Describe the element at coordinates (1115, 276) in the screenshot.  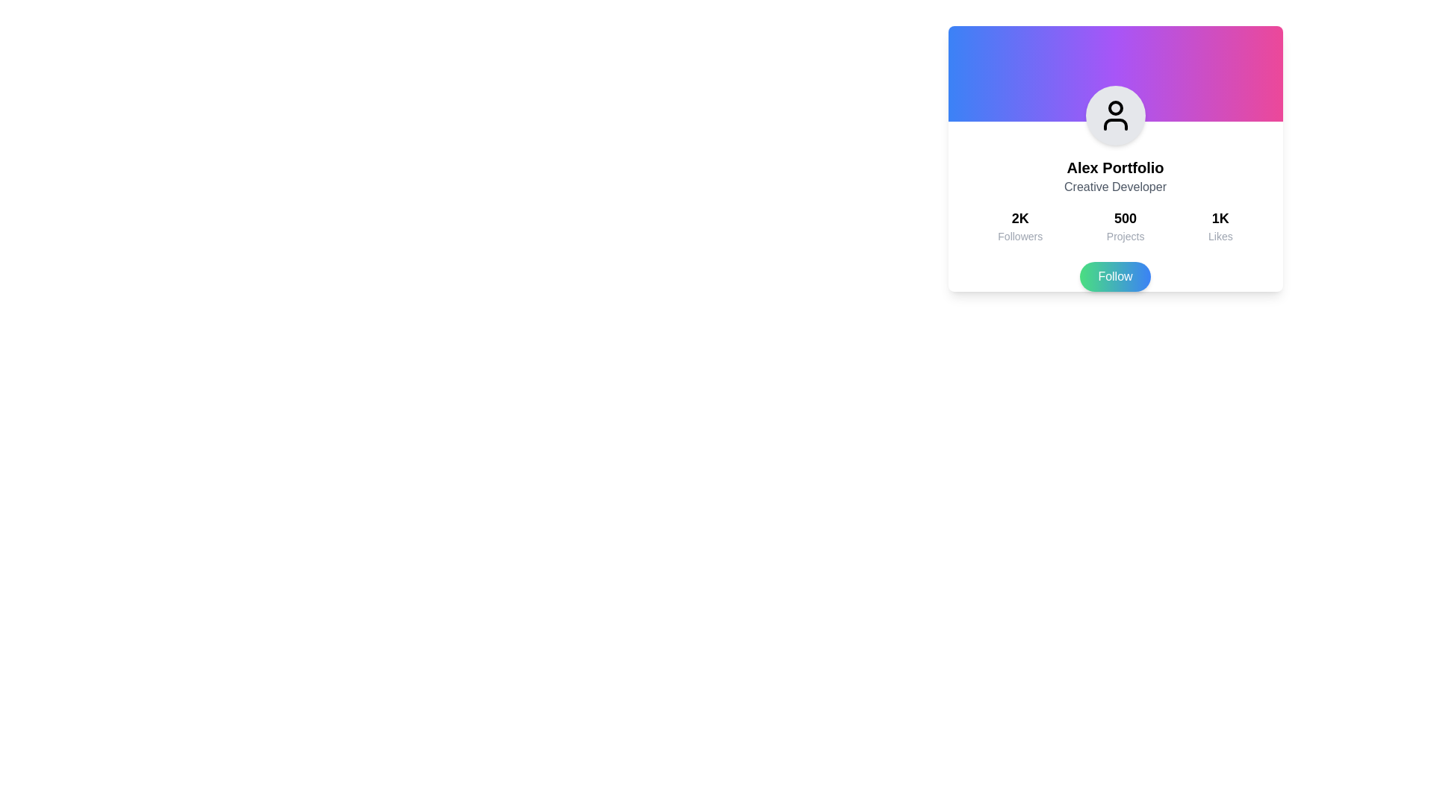
I see `the follow button located in the lower section of the user information card to trigger a visual state change` at that location.